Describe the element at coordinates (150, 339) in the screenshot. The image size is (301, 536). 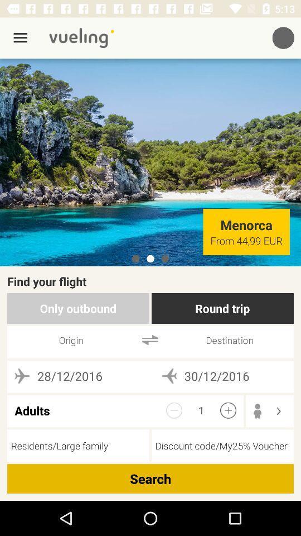
I see `icon next to the origin icon` at that location.